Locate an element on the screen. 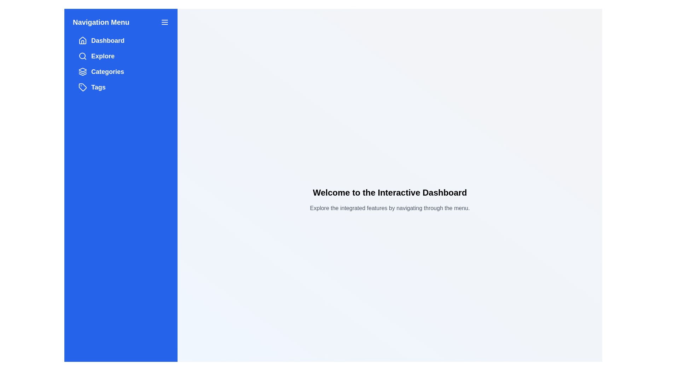 The height and width of the screenshot is (382, 679). the menu item labeled Categories is located at coordinates (121, 72).